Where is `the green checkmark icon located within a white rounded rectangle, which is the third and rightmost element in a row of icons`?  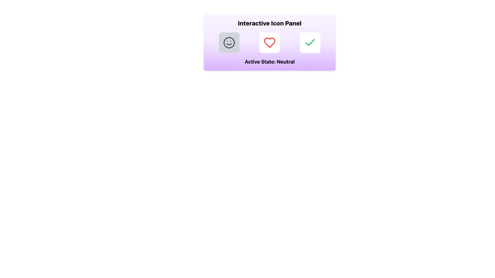 the green checkmark icon located within a white rounded rectangle, which is the third and rightmost element in a row of icons is located at coordinates (310, 42).